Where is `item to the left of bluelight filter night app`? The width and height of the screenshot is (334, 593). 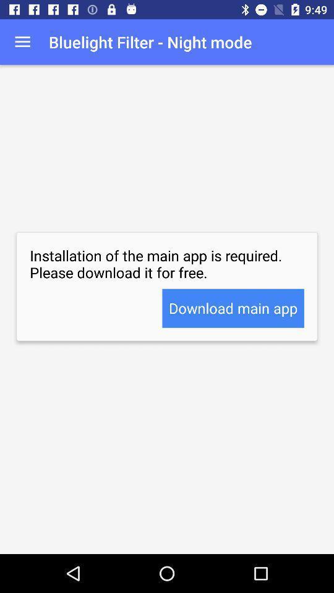 item to the left of bluelight filter night app is located at coordinates (22, 42).